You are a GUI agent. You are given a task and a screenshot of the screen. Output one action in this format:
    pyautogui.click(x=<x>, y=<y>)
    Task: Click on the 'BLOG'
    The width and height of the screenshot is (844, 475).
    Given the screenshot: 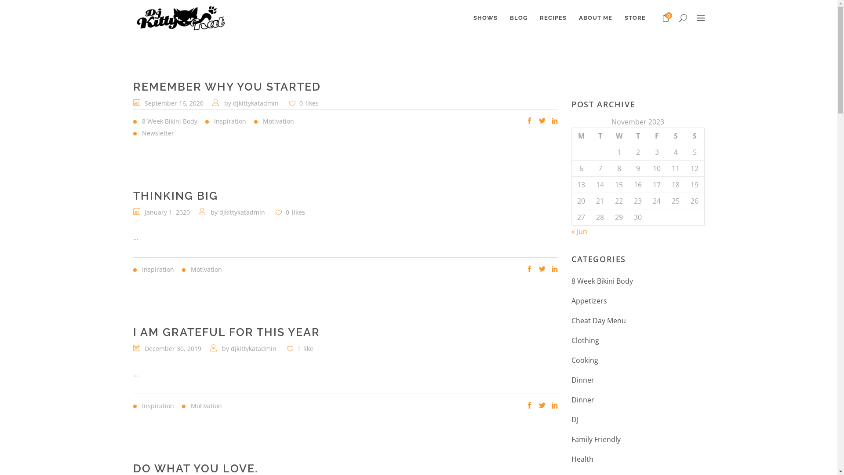 What is the action you would take?
    pyautogui.click(x=504, y=18)
    